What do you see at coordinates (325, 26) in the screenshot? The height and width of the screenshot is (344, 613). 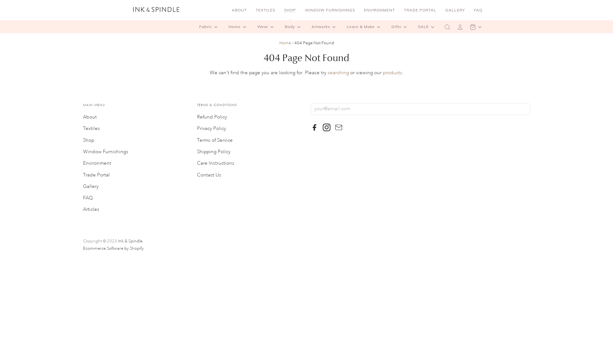 I see `'Artworks'` at bounding box center [325, 26].